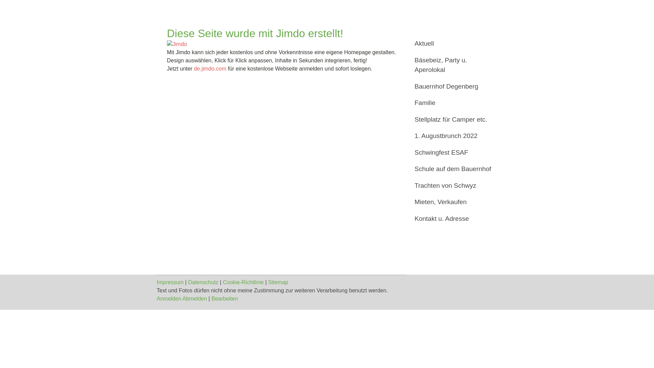 The image size is (654, 368). Describe the element at coordinates (453, 169) in the screenshot. I see `'Schule auf dem Bauernhof'` at that location.